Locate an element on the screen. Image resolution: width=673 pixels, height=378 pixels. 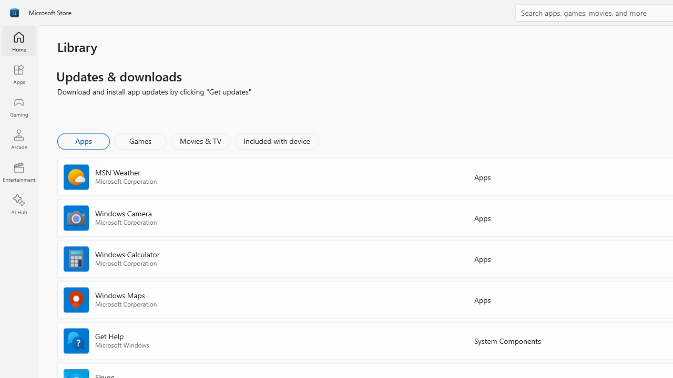
'Movies & TV' is located at coordinates (200, 140).